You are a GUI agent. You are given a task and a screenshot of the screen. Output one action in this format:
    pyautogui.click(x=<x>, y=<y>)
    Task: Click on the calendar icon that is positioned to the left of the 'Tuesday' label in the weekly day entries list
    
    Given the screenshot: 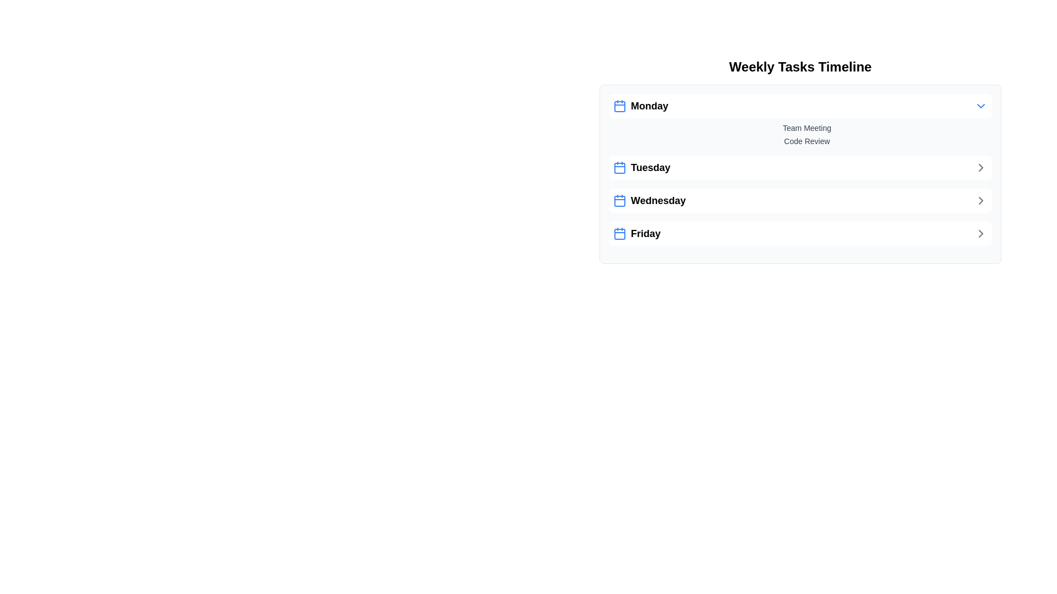 What is the action you would take?
    pyautogui.click(x=620, y=167)
    